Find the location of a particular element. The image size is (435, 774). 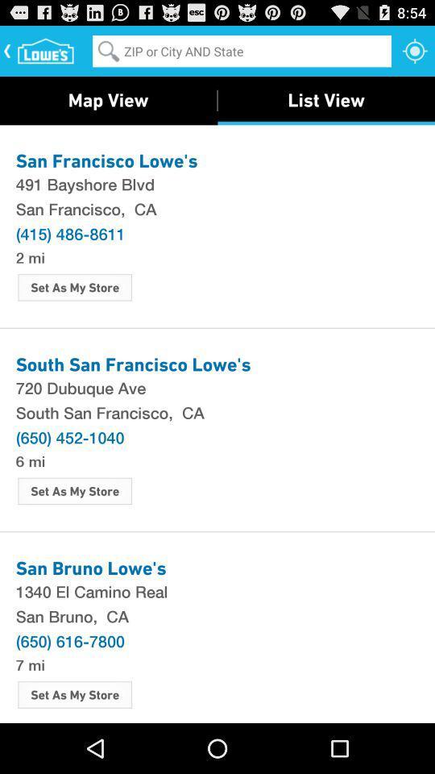

map view icon is located at coordinates (108, 99).